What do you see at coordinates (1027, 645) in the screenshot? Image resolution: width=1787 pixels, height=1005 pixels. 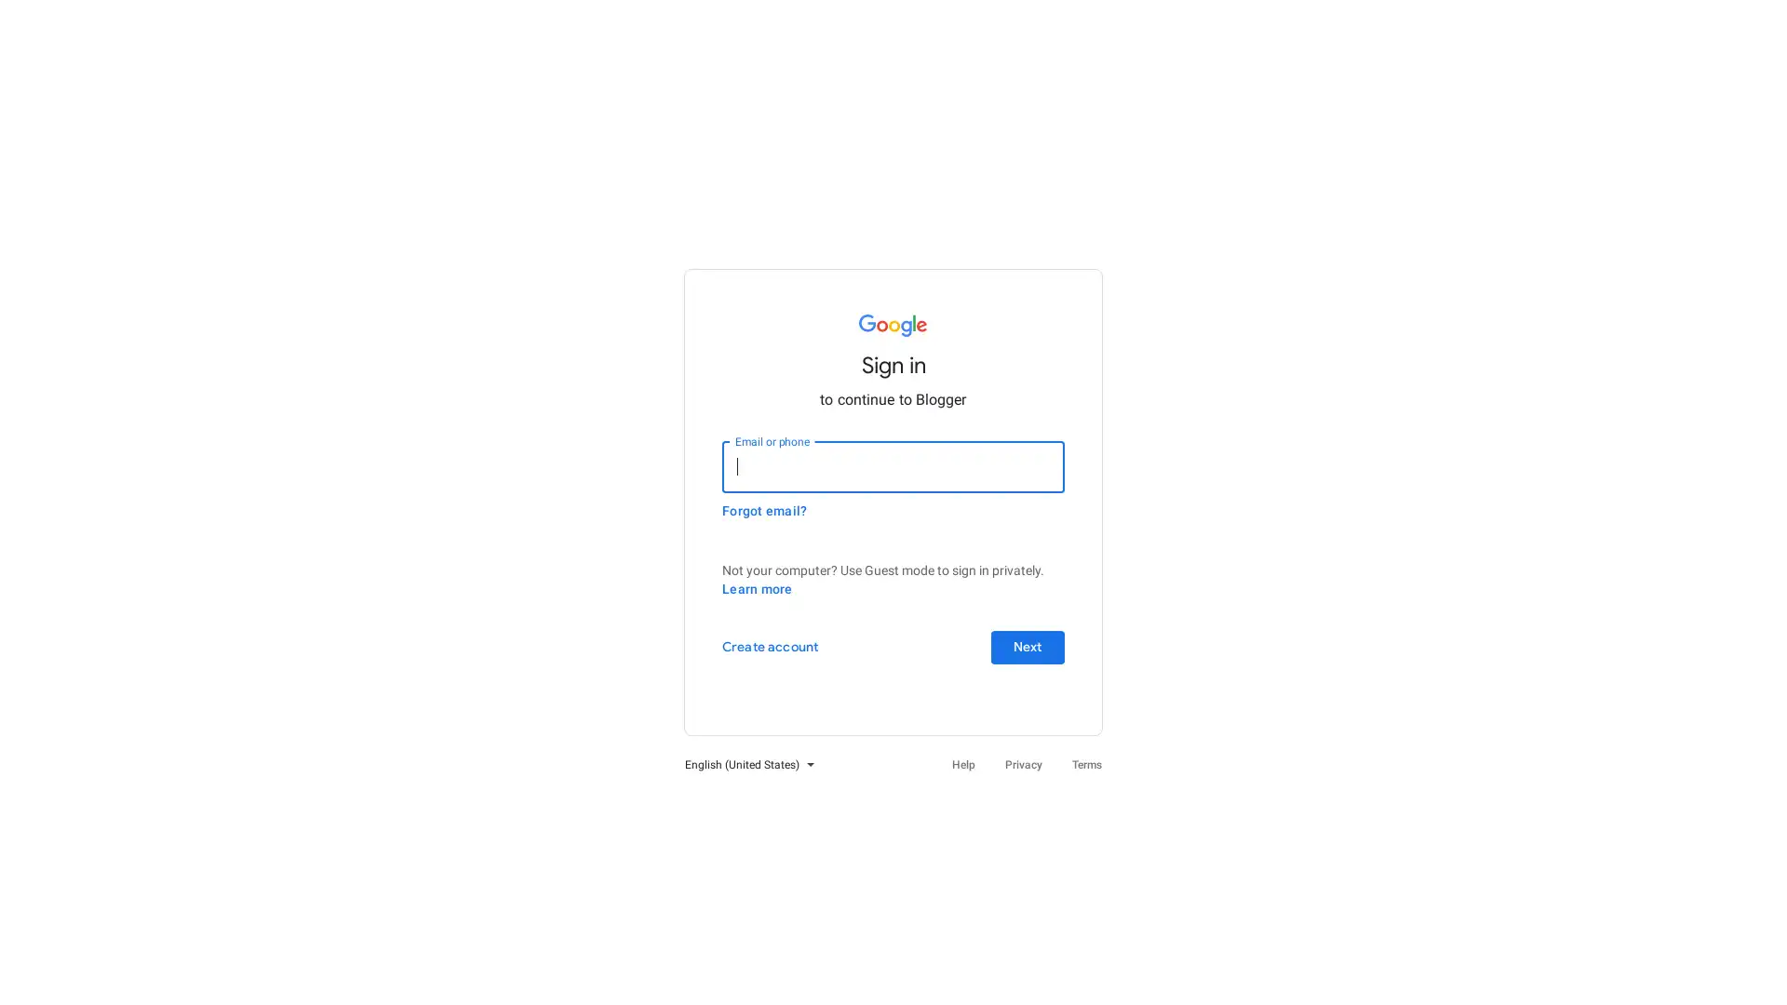 I see `Next` at bounding box center [1027, 645].